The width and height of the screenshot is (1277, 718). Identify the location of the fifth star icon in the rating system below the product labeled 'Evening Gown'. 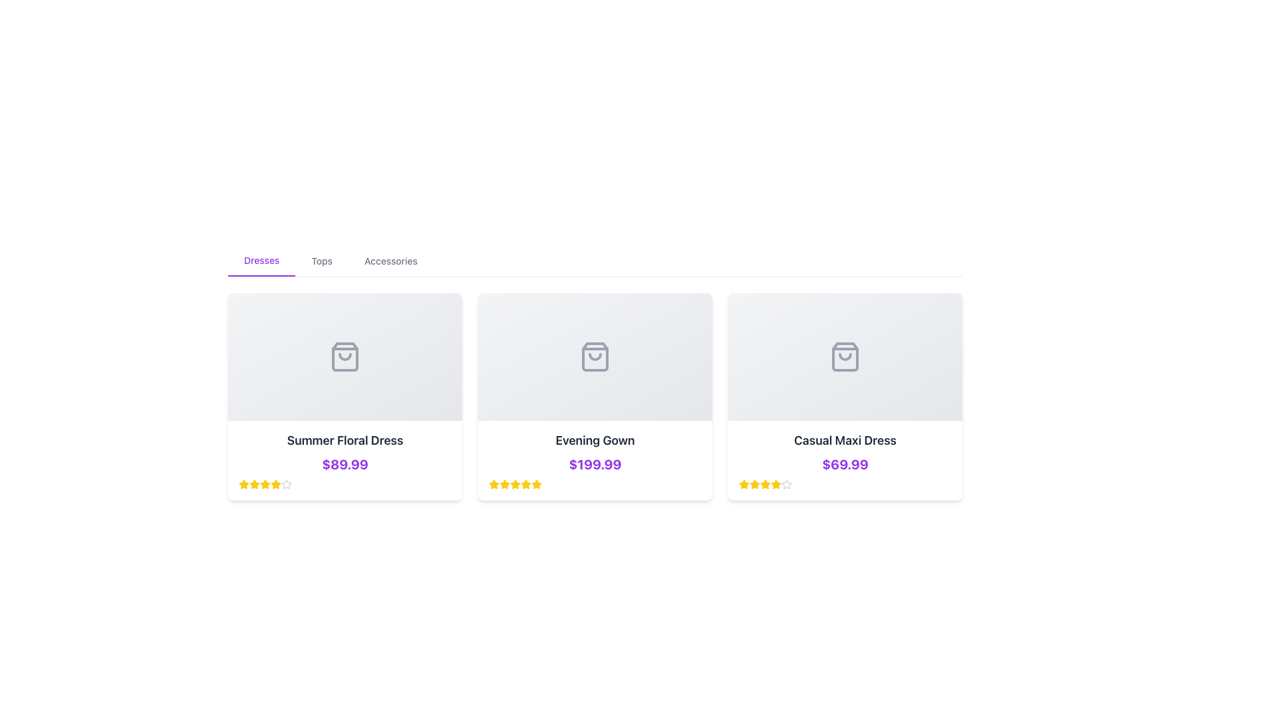
(514, 485).